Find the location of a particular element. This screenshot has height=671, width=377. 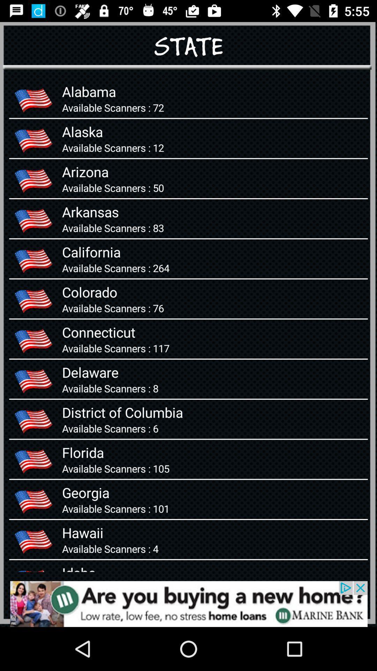

the flag beside florida is located at coordinates (34, 459).